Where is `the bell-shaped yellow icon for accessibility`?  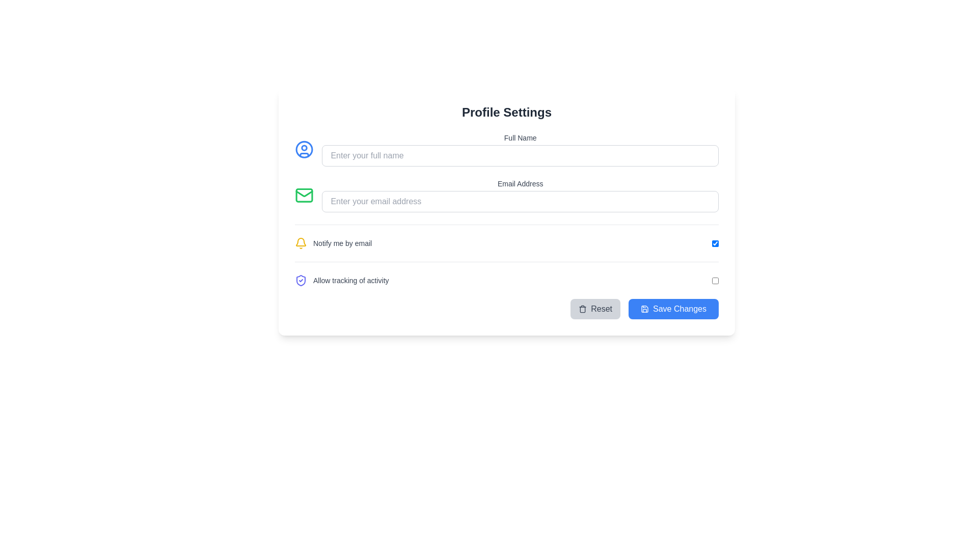 the bell-shaped yellow icon for accessibility is located at coordinates (300, 243).